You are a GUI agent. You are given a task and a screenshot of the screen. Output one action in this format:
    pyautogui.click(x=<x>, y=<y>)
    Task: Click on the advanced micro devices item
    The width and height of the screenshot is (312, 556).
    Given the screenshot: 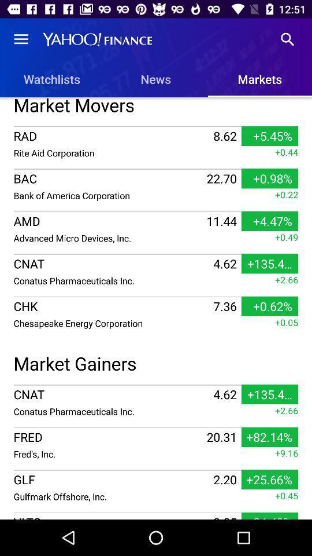 What is the action you would take?
    pyautogui.click(x=109, y=237)
    